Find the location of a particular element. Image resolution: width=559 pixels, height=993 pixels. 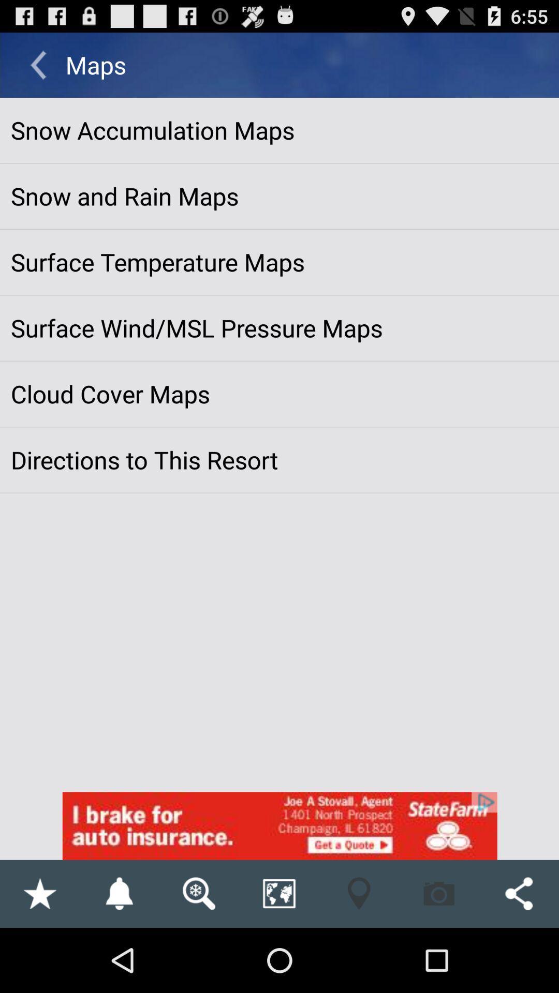

camera is located at coordinates (439, 893).